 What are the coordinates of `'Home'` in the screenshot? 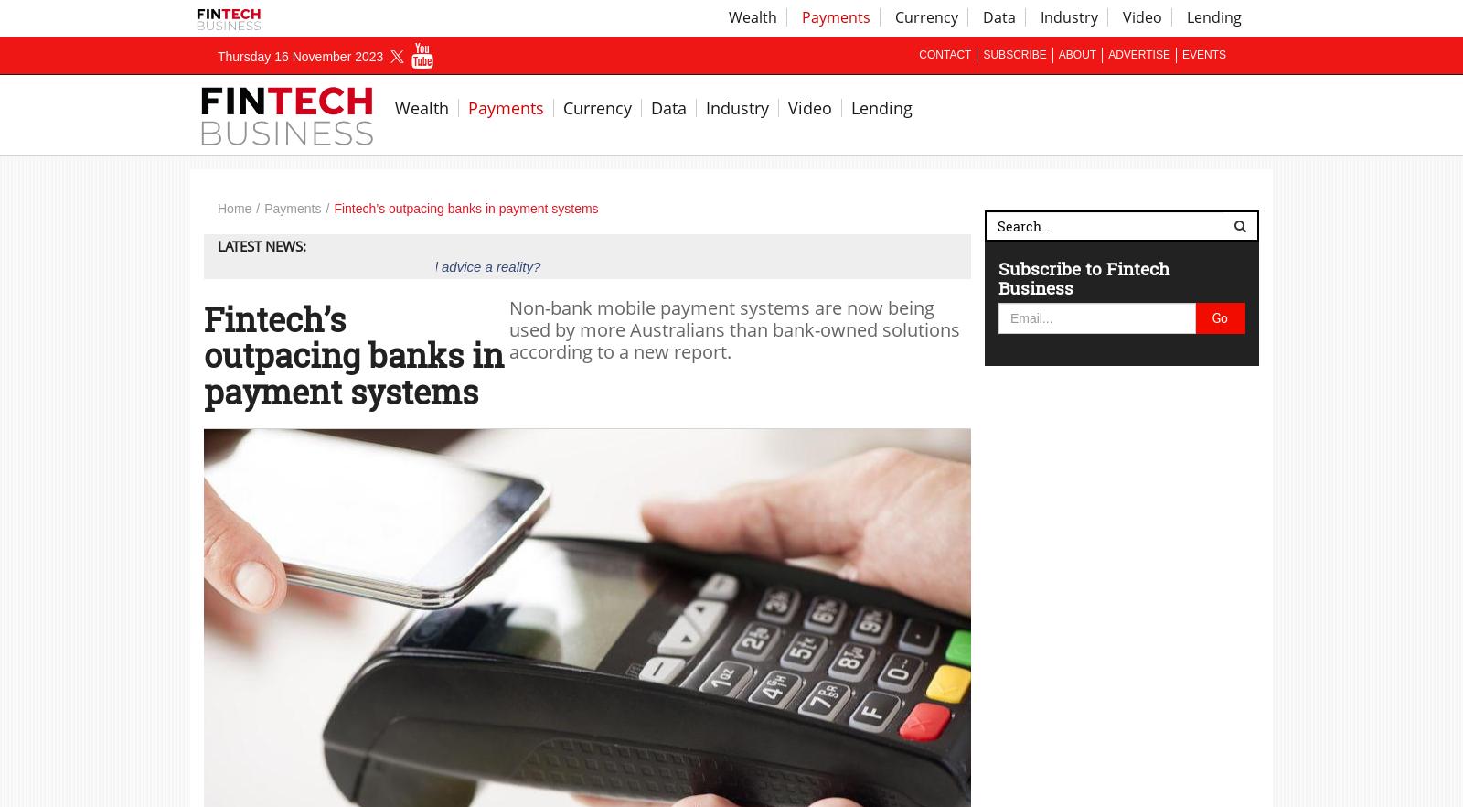 It's located at (234, 207).